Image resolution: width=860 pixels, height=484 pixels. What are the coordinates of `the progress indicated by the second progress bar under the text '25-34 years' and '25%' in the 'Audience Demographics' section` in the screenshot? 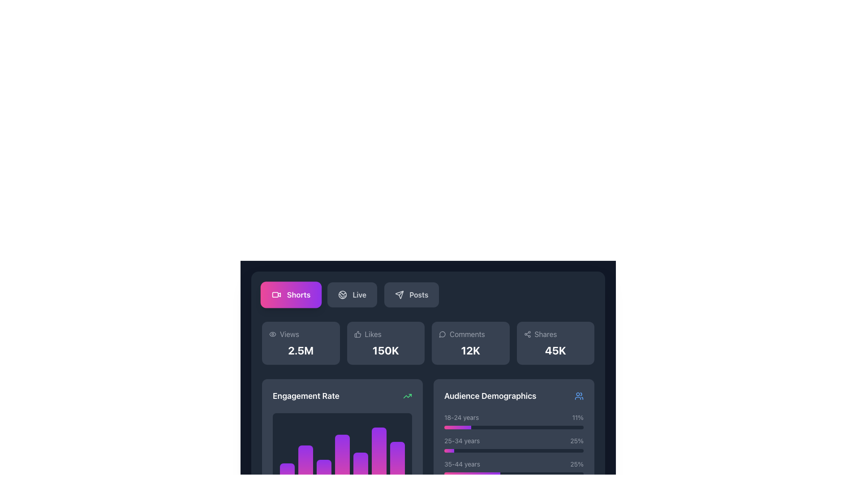 It's located at (514, 451).